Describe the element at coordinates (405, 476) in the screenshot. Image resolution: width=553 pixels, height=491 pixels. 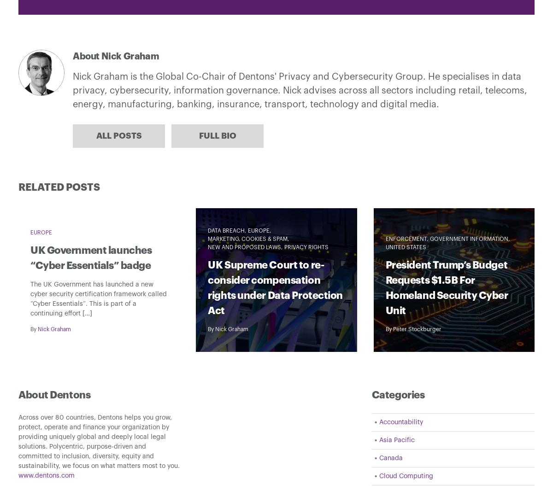
I see `'Cloud Computing'` at that location.